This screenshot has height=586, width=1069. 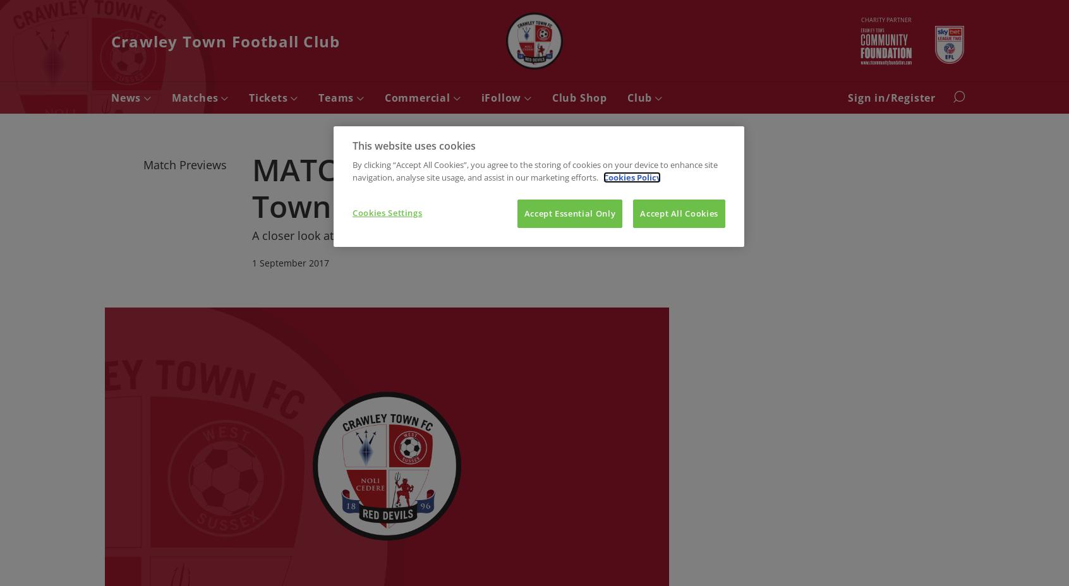 What do you see at coordinates (127, 97) in the screenshot?
I see `'News'` at bounding box center [127, 97].